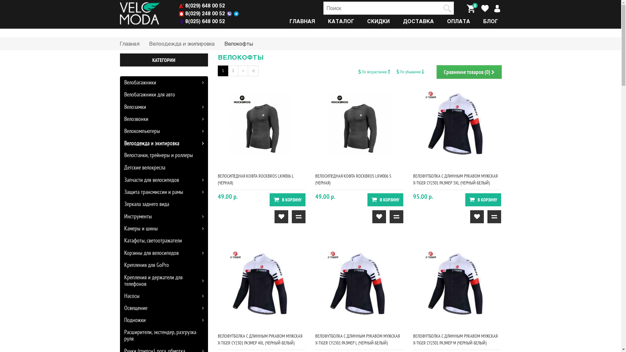 The image size is (626, 352). What do you see at coordinates (179, 5) in the screenshot?
I see `'8(029) 648 00 52'` at bounding box center [179, 5].